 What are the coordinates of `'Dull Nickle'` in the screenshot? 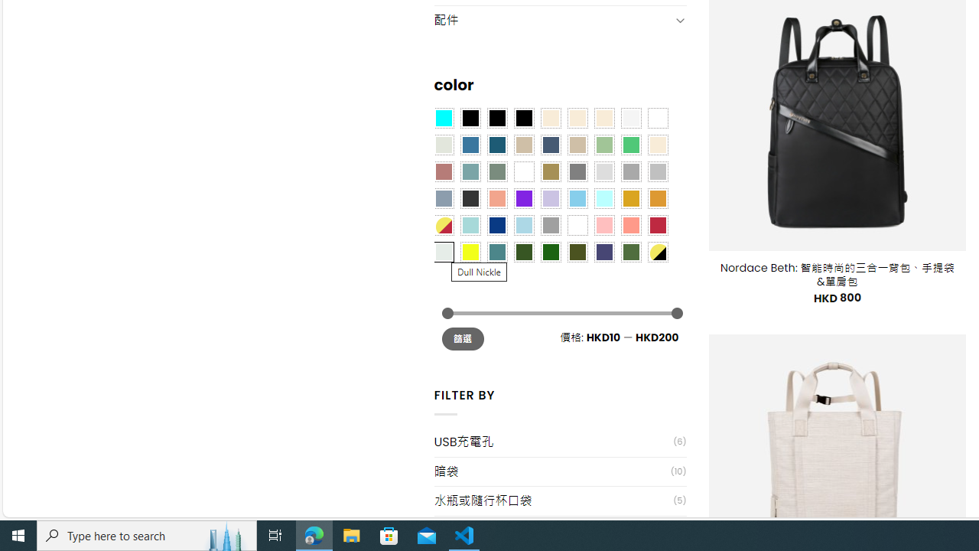 It's located at (442, 251).